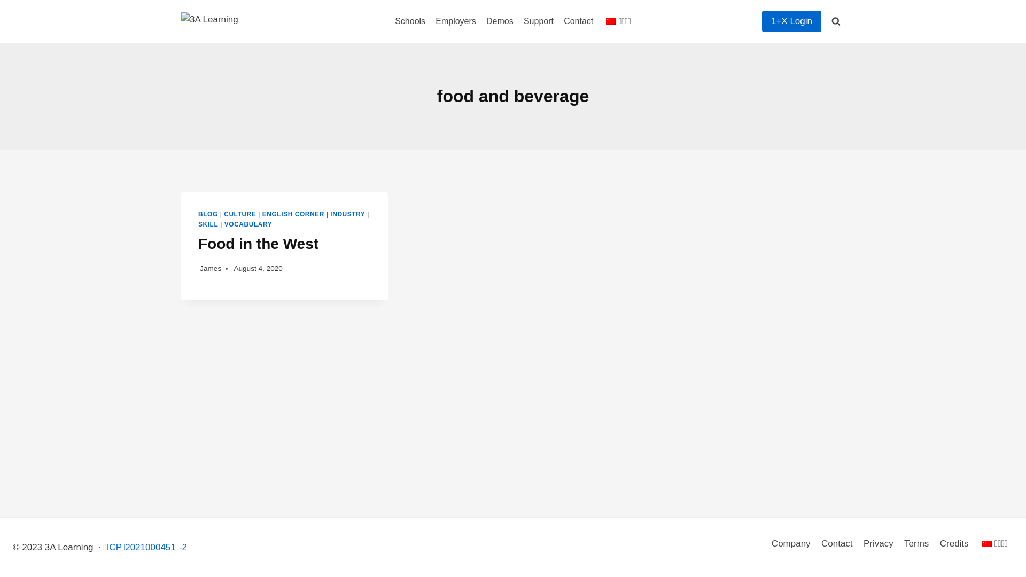 The width and height of the screenshot is (1026, 577). Describe the element at coordinates (247, 224) in the screenshot. I see `'VOCABULARY'` at that location.